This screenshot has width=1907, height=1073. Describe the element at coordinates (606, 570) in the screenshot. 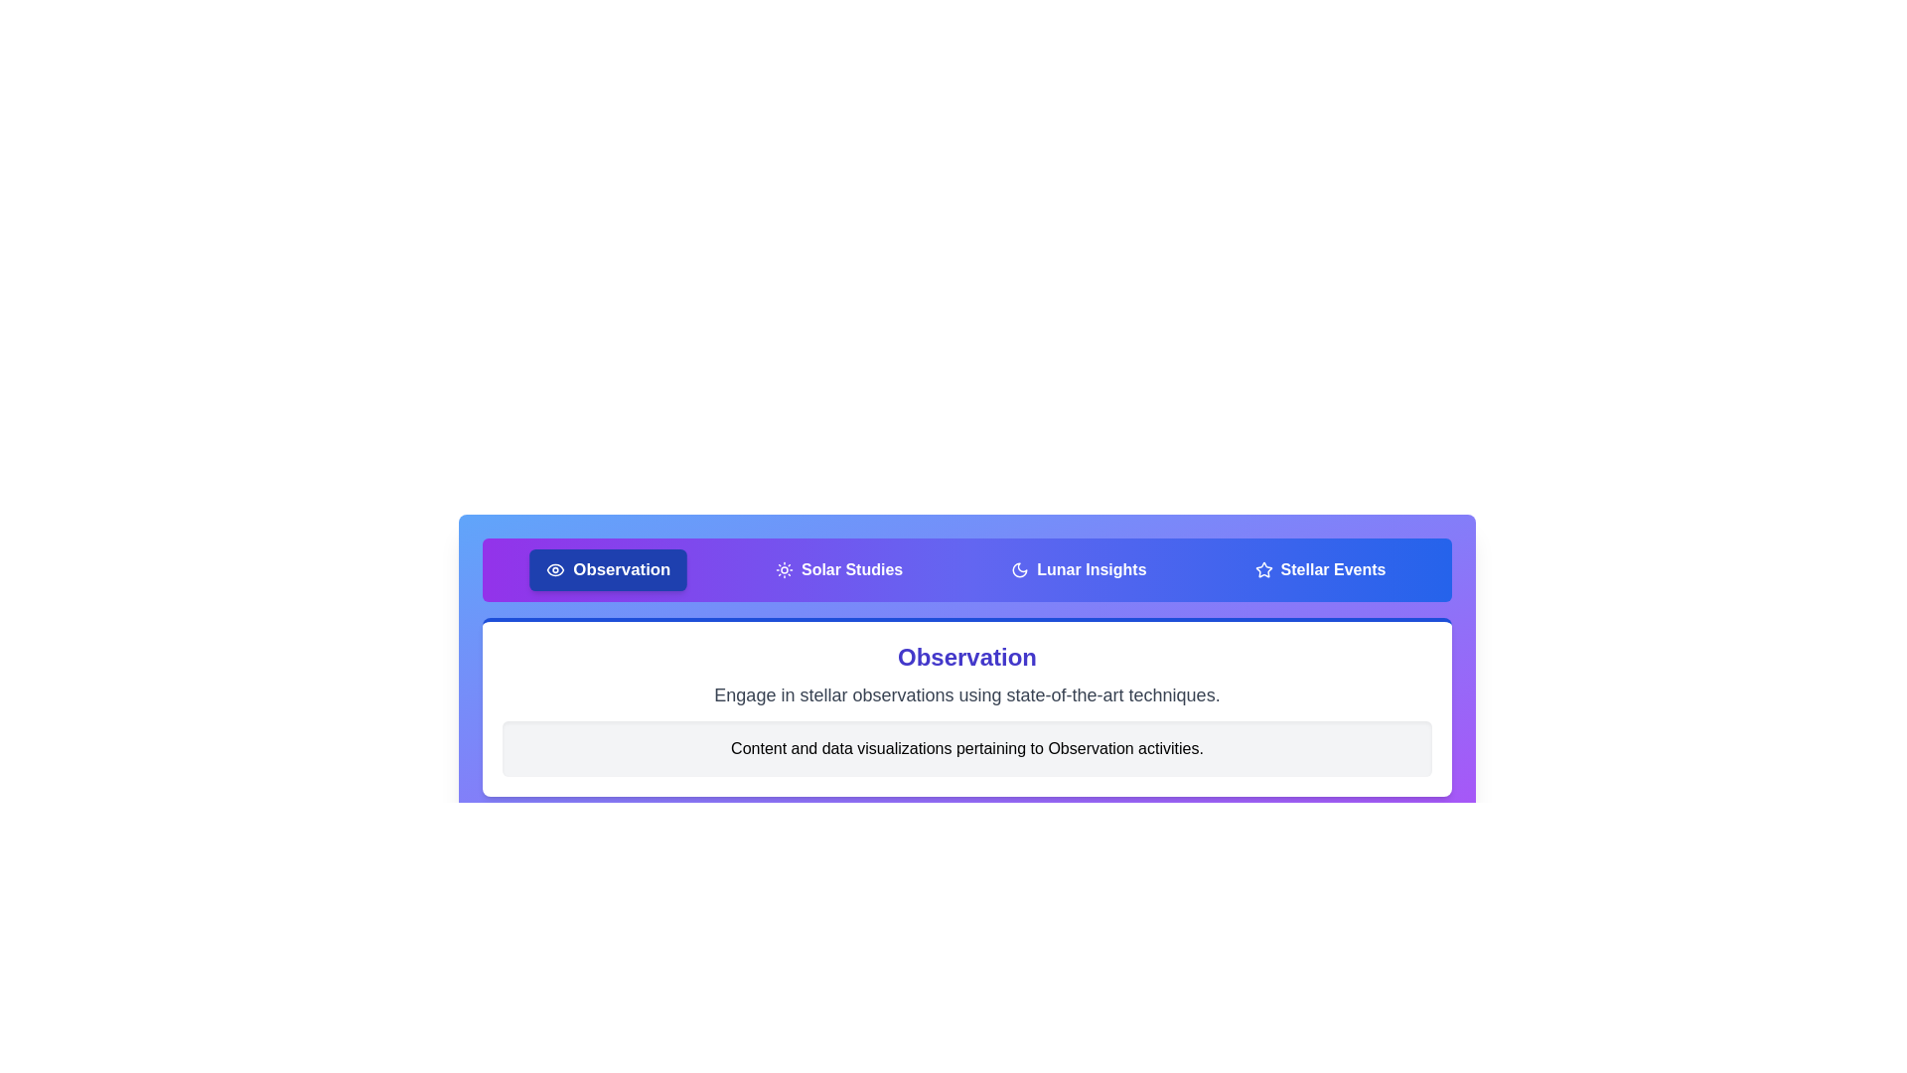

I see `the tab corresponding to Observation to view its content` at that location.